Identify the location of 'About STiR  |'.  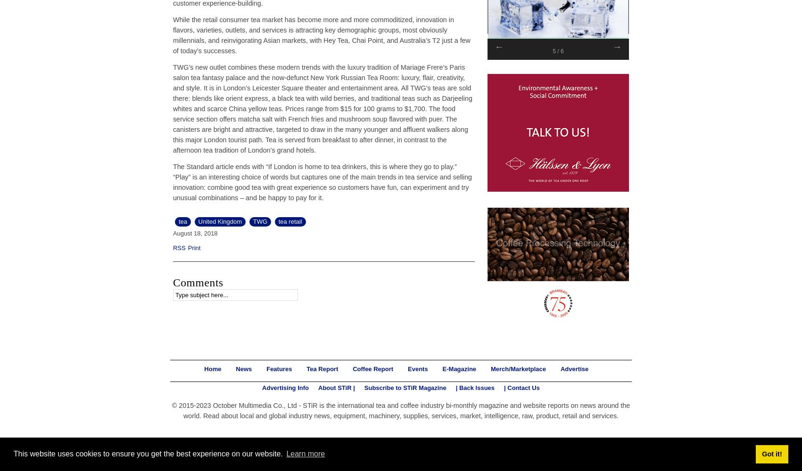
(336, 387).